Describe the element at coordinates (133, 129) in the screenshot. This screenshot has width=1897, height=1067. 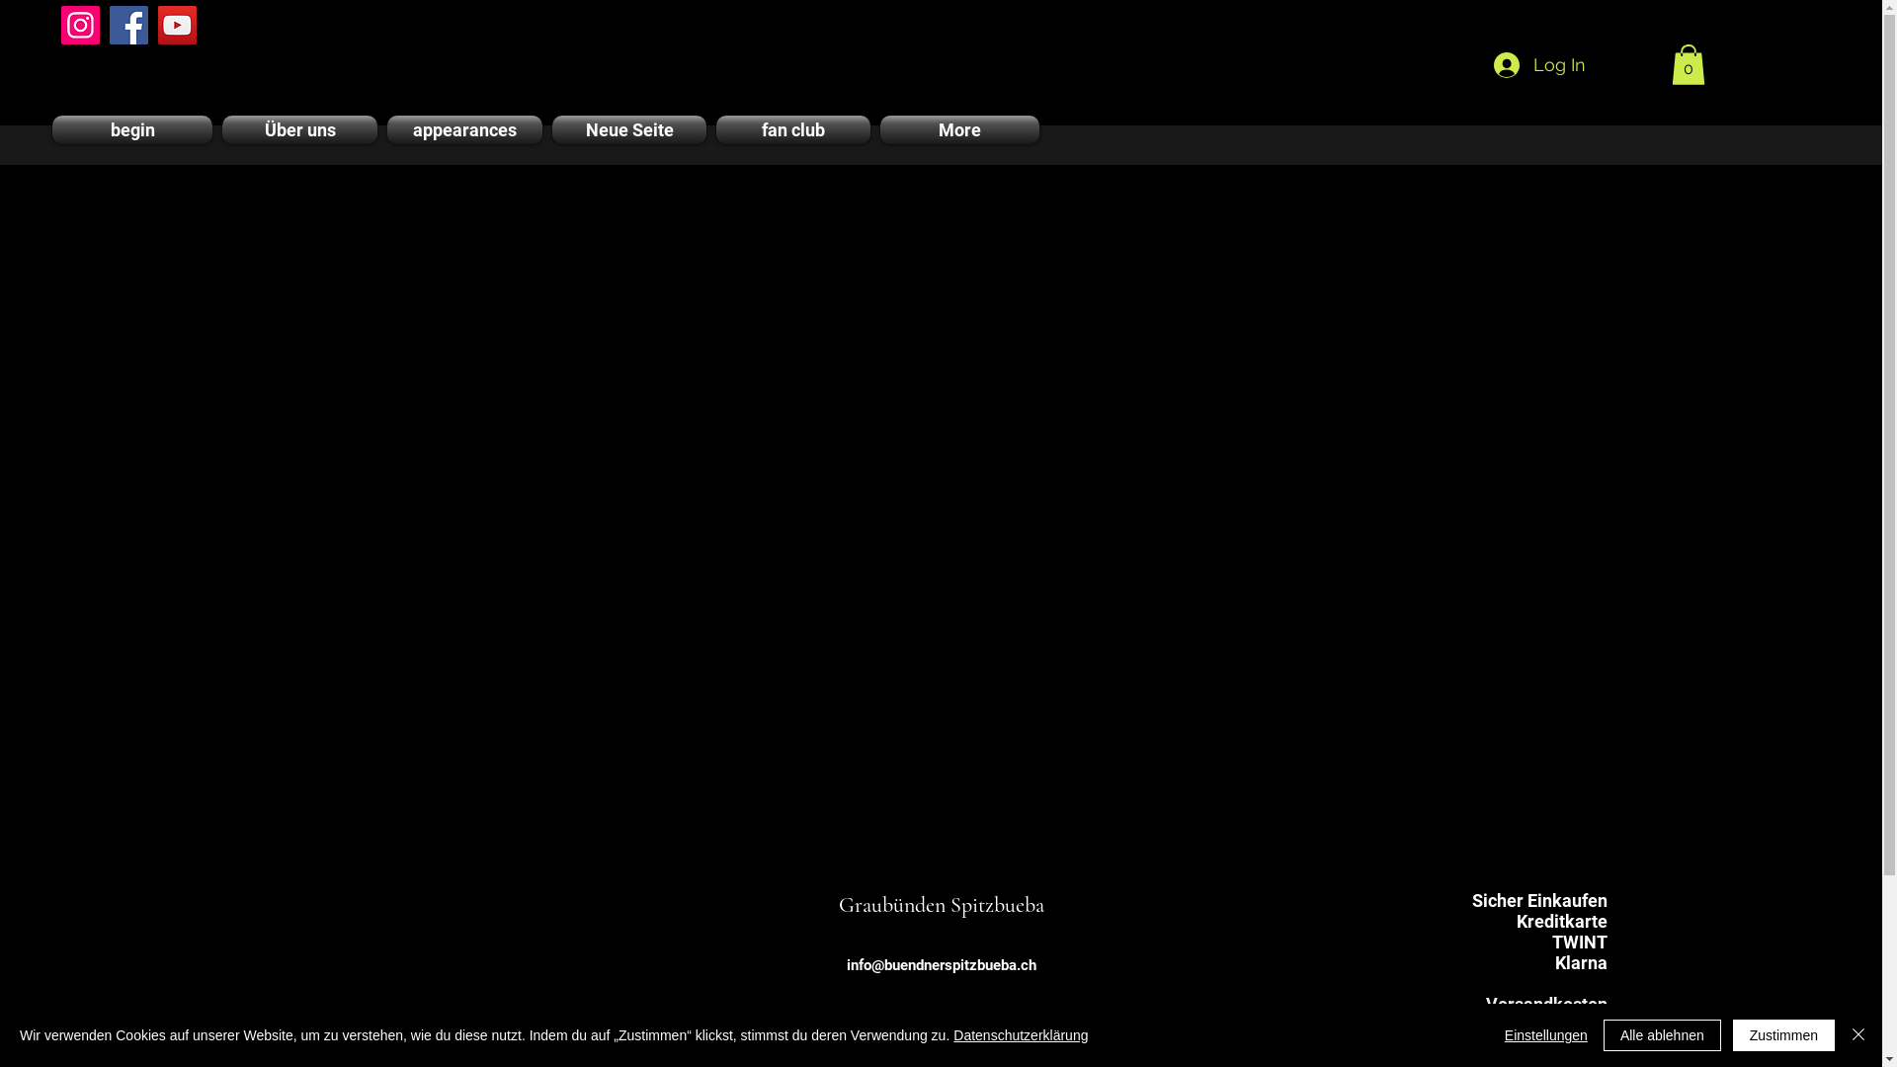
I see `'begin'` at that location.